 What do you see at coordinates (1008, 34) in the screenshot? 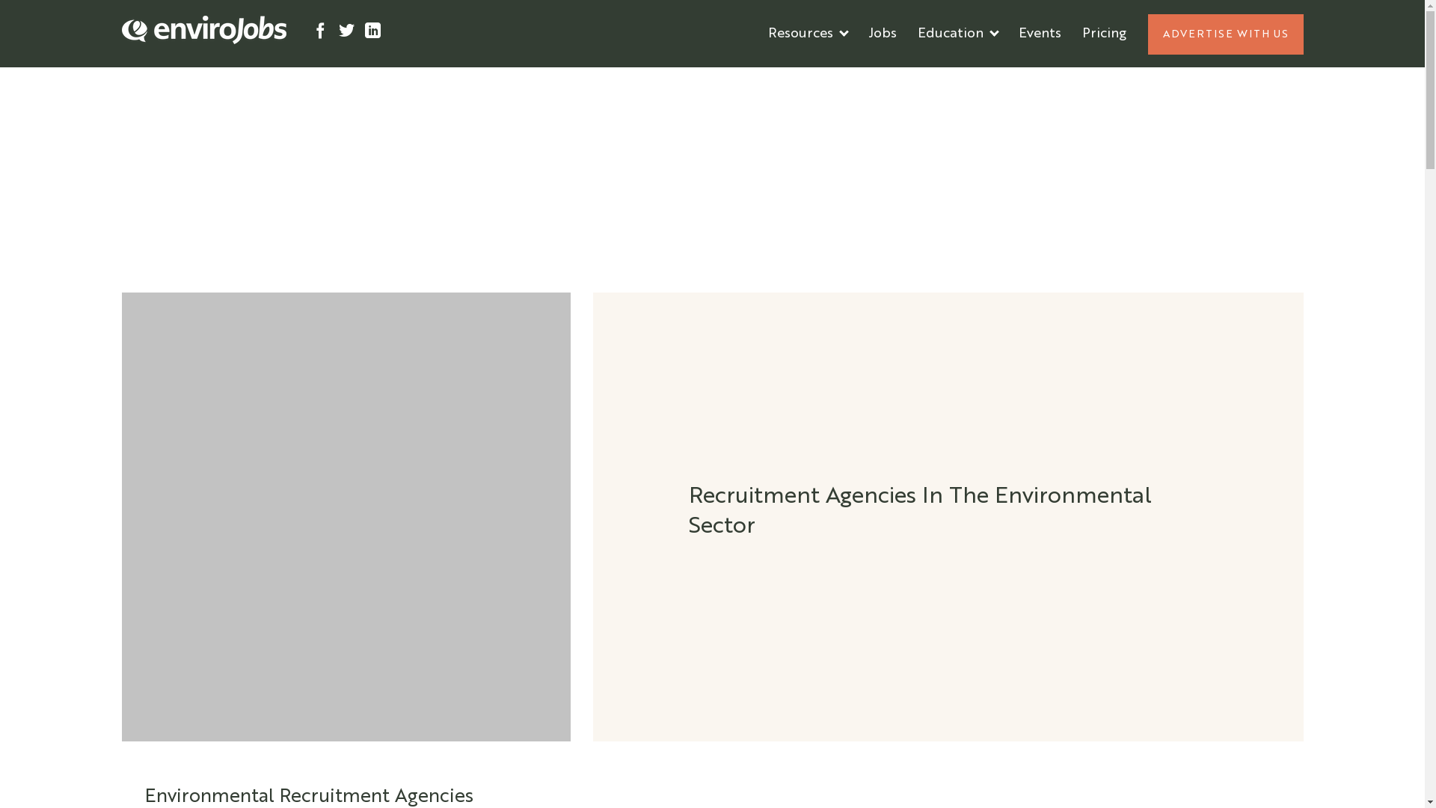
I see `'Events'` at bounding box center [1008, 34].